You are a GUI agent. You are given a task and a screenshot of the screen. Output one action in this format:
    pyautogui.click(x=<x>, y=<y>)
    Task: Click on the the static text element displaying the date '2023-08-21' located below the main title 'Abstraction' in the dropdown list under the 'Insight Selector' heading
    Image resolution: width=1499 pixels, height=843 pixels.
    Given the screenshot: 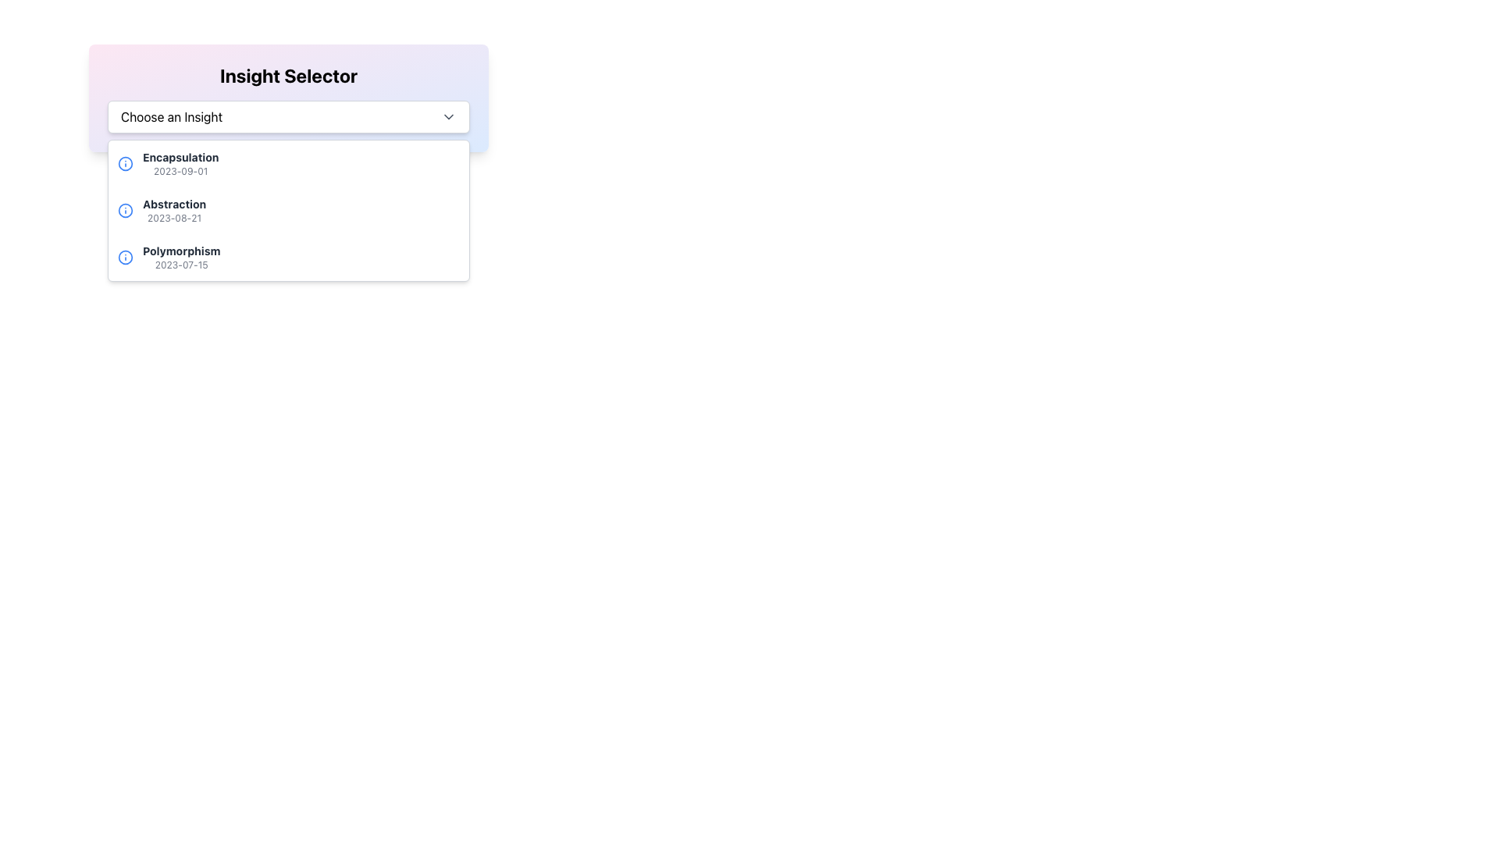 What is the action you would take?
    pyautogui.click(x=174, y=219)
    